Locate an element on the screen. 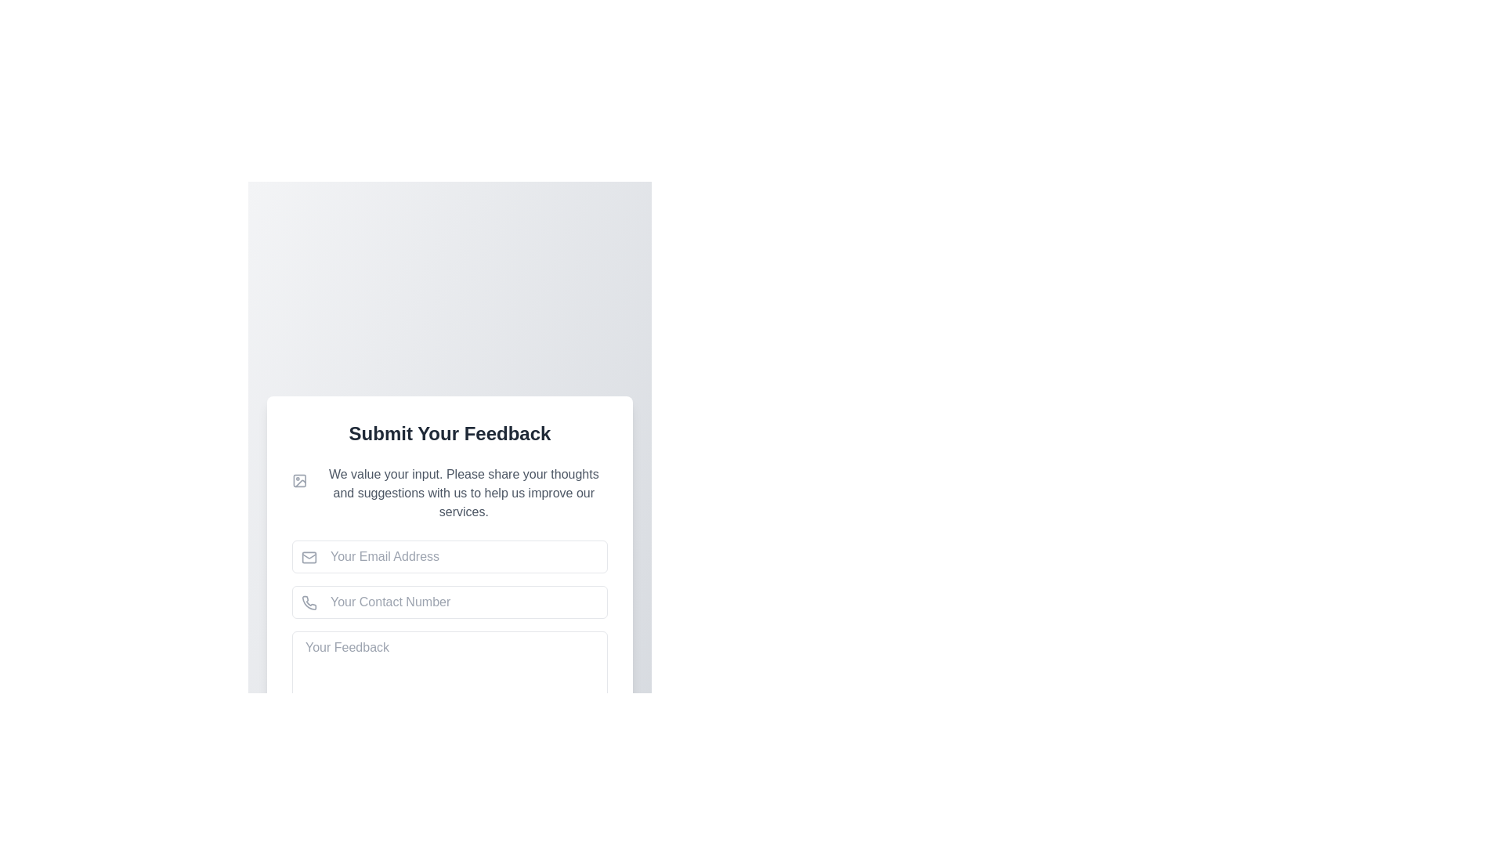 This screenshot has height=846, width=1504. the envelope icon representing email, which is positioned inside the input field labeled 'Your Email Address' on the left side is located at coordinates (309, 556).